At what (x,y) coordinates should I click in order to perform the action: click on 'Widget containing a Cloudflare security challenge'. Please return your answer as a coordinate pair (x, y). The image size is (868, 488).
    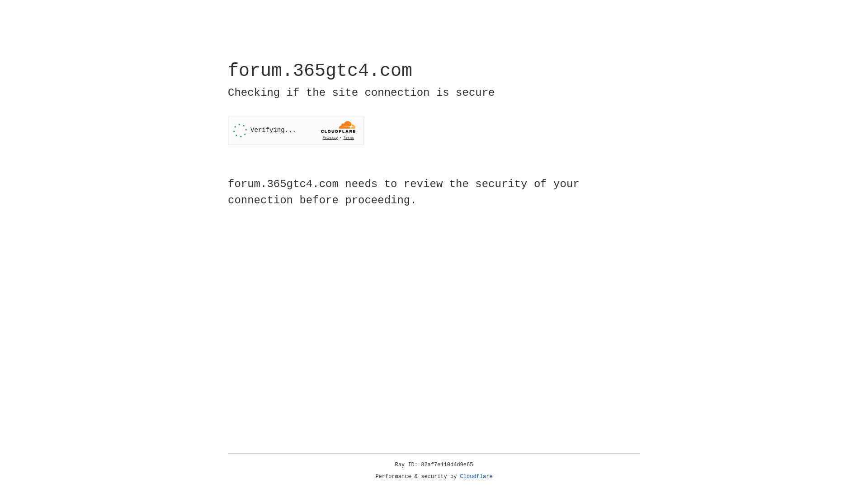
    Looking at the image, I should click on (295, 130).